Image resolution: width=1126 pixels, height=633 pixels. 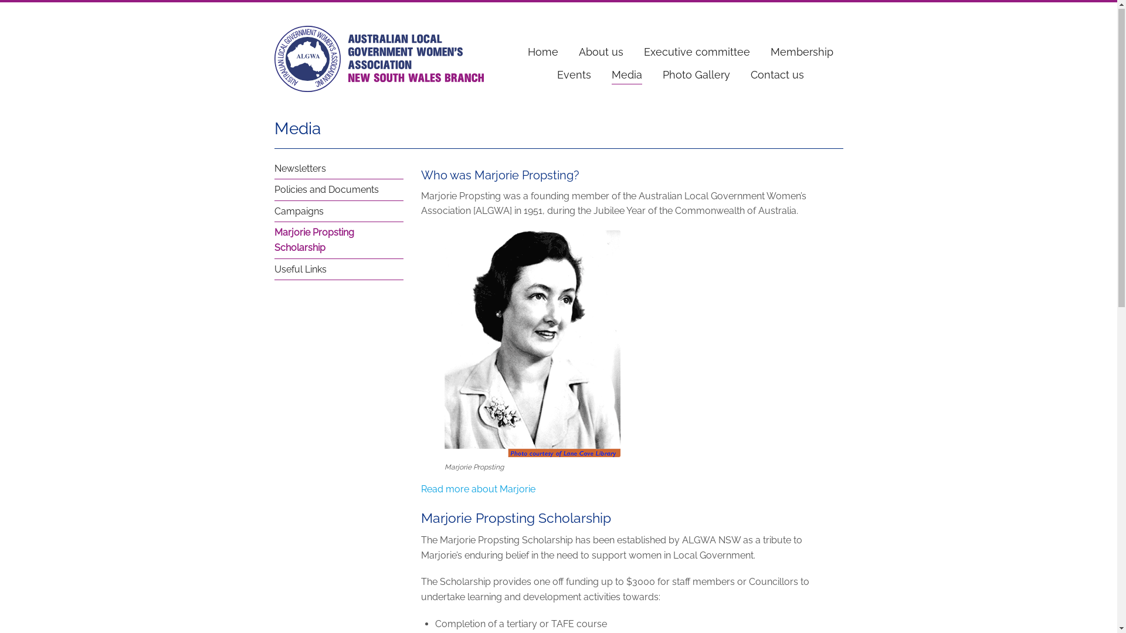 What do you see at coordinates (338, 189) in the screenshot?
I see `'Policies and Documents'` at bounding box center [338, 189].